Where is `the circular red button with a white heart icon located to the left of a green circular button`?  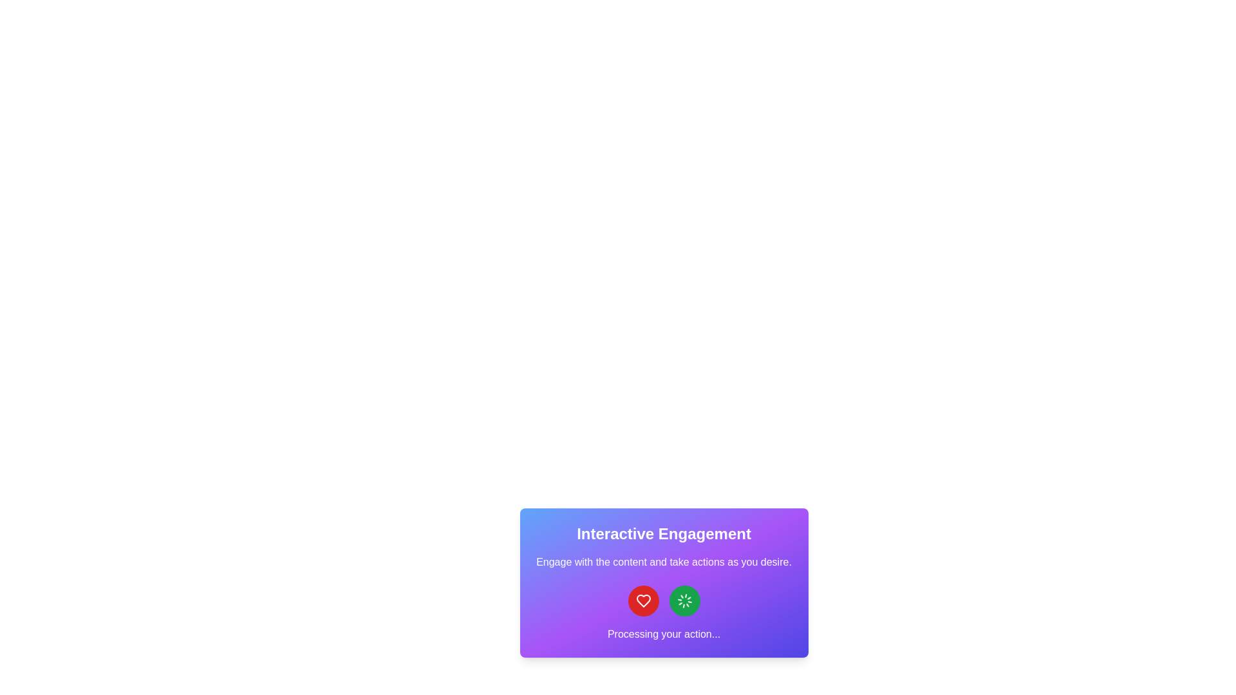
the circular red button with a white heart icon located to the left of a green circular button is located at coordinates (643, 600).